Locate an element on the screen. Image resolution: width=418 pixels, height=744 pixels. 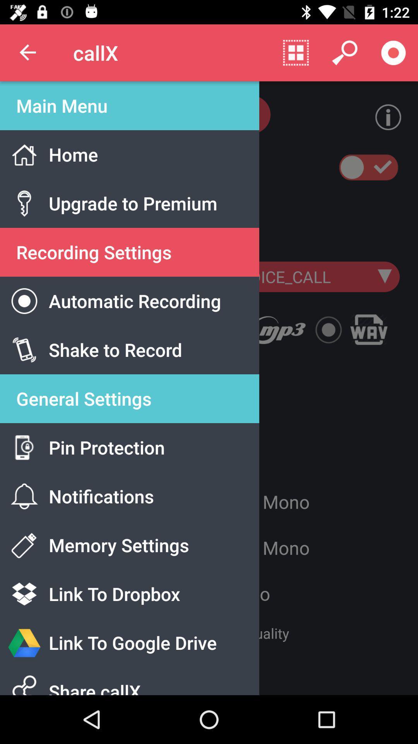
the info icon is located at coordinates (382, 117).